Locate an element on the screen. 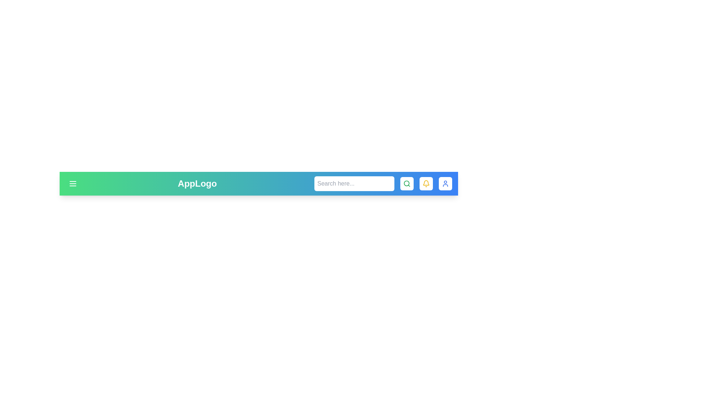 The image size is (711, 400). the notification icon to view notifications is located at coordinates (426, 183).